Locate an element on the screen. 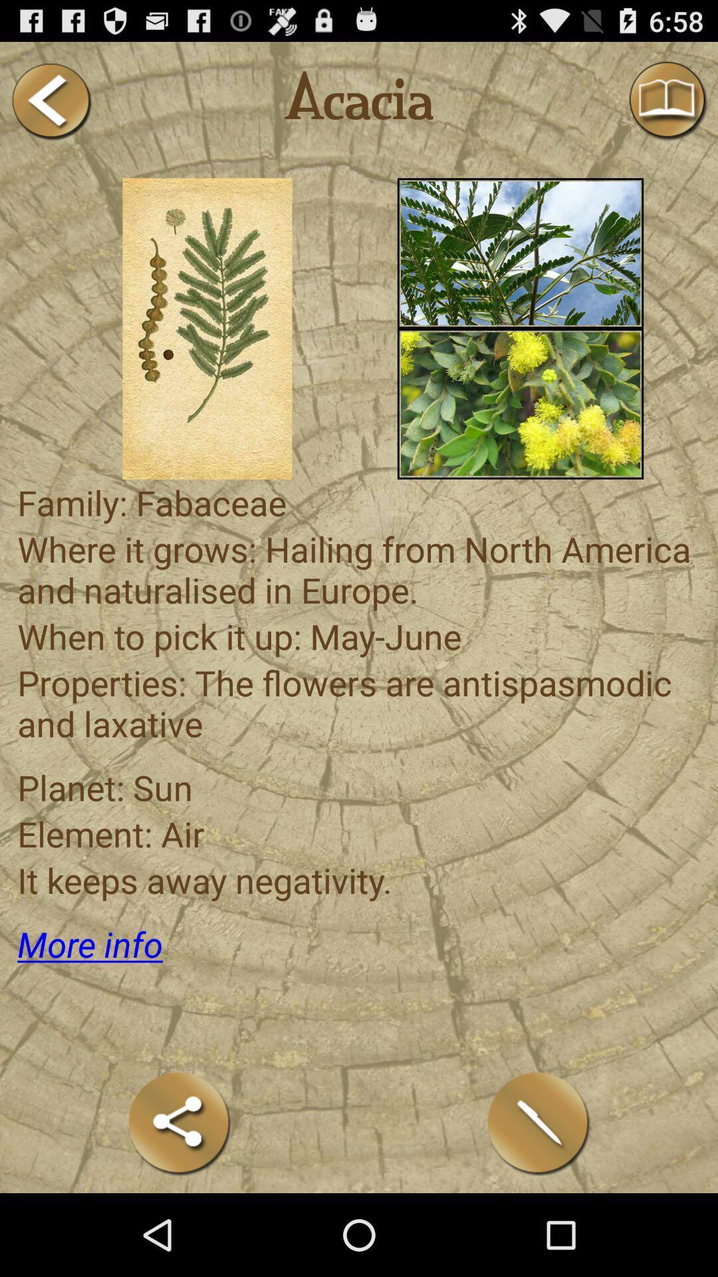 Image resolution: width=718 pixels, height=1277 pixels. image is located at coordinates (520, 253).